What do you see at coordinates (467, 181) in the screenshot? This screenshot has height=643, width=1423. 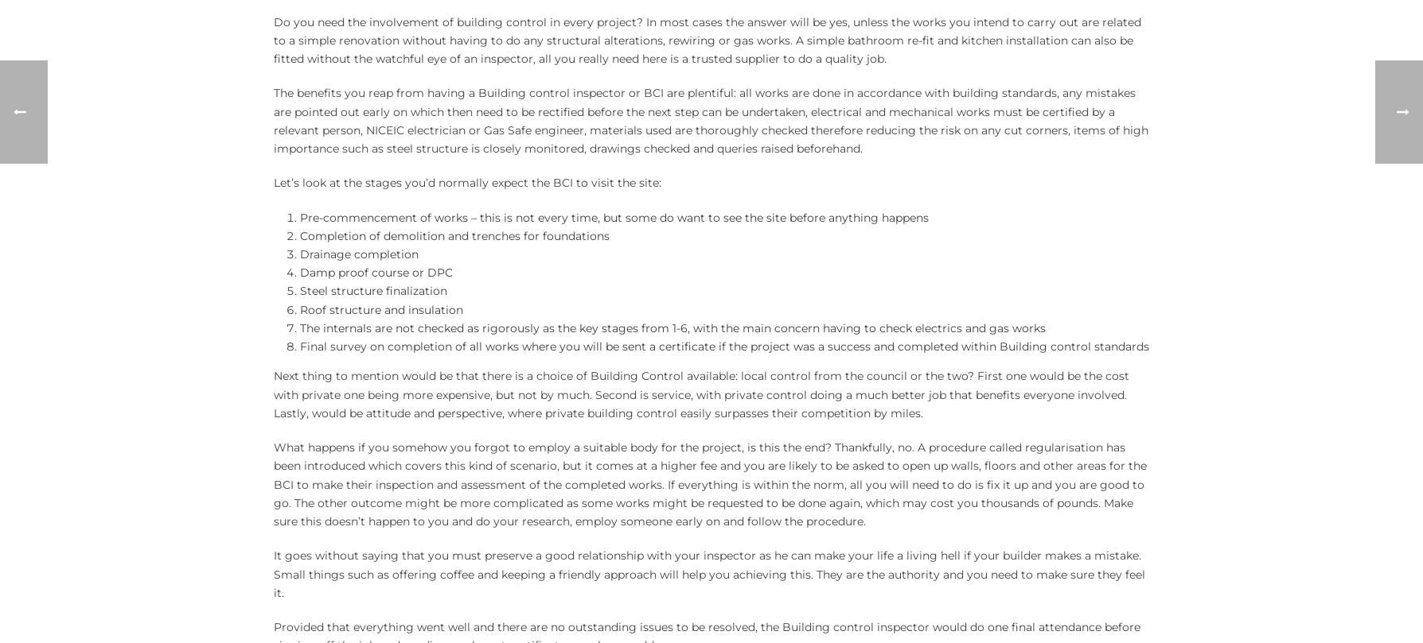 I see `'Let’s look at the stages you’d normally
expect the BCI to visit the site:'` at bounding box center [467, 181].